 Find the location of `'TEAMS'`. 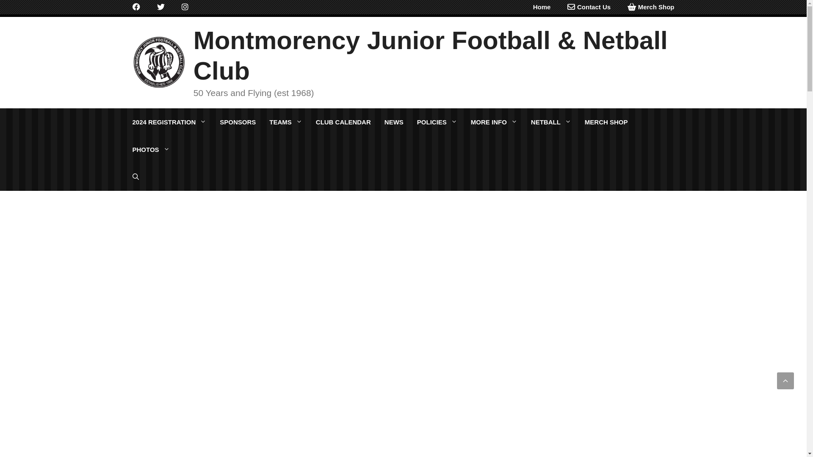

'TEAMS' is located at coordinates (286, 122).